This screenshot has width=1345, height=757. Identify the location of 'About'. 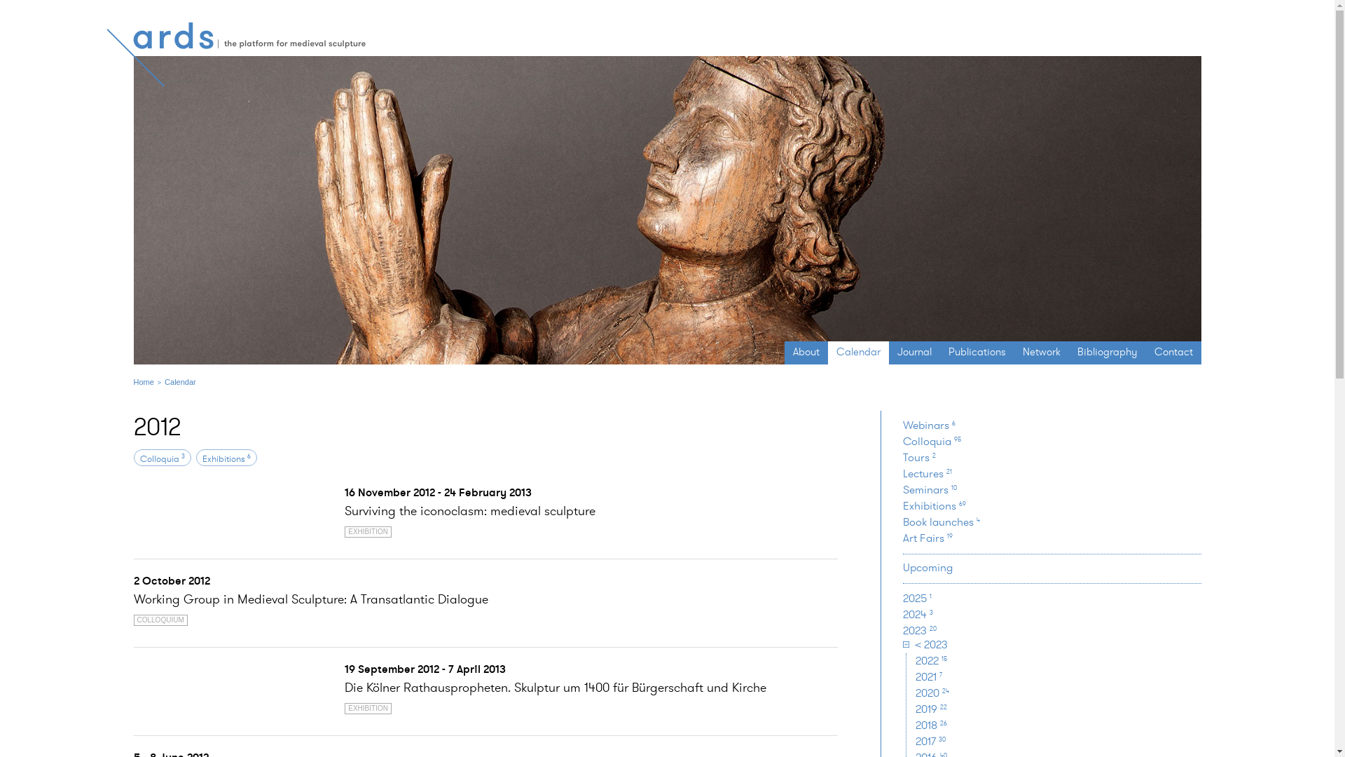
(806, 350).